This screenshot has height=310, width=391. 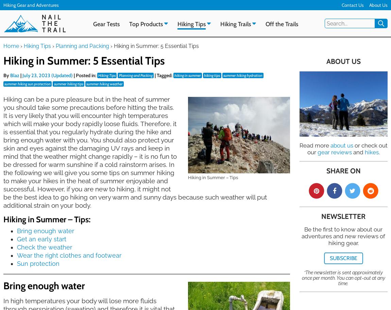 What do you see at coordinates (104, 84) in the screenshot?
I see `'summer hiking weather'` at bounding box center [104, 84].